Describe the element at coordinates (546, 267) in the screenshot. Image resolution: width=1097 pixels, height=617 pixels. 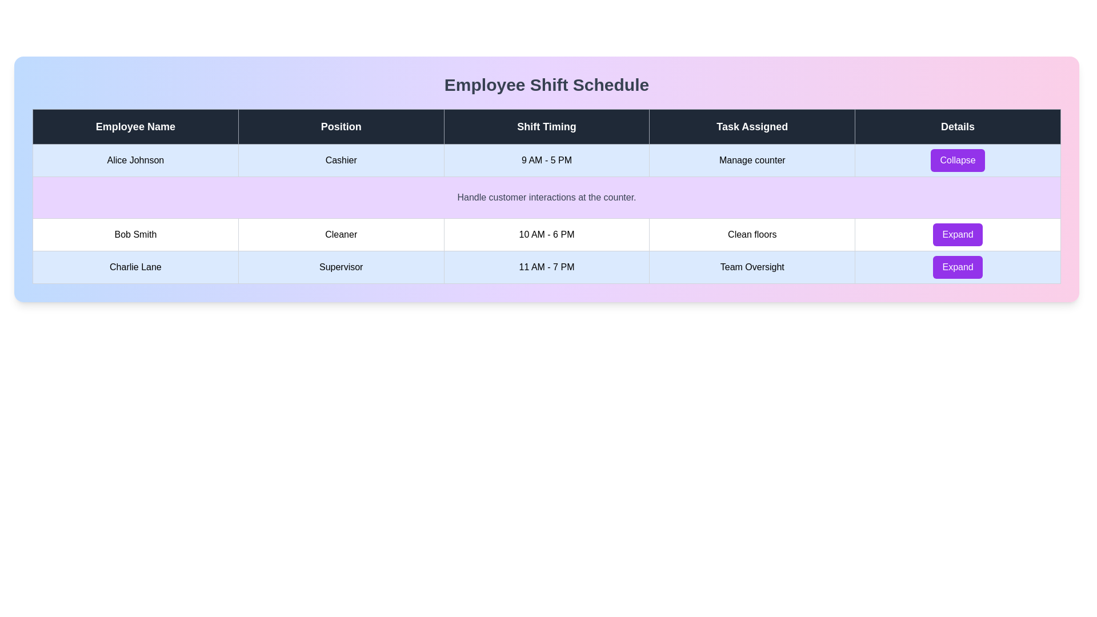
I see `shift timing details for the employee 'Charlie Lane' from the text label located in the 'Shift Timing' column, which is the third element in its row` at that location.